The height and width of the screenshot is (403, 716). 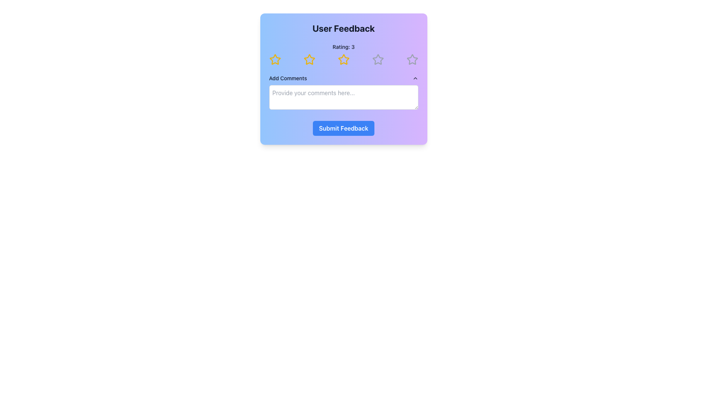 I want to click on the stars in the Rating indicator, so click(x=343, y=54).